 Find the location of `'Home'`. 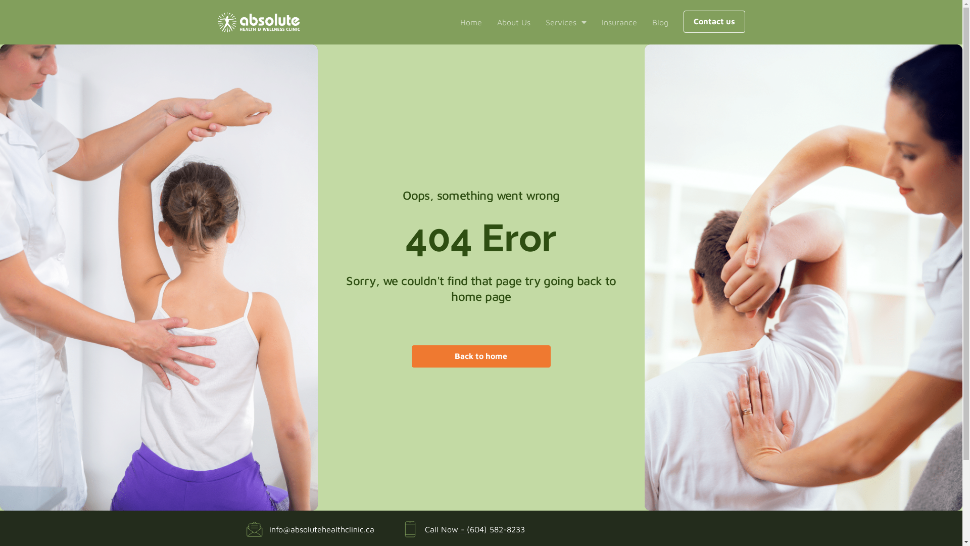

'Home' is located at coordinates (470, 22).